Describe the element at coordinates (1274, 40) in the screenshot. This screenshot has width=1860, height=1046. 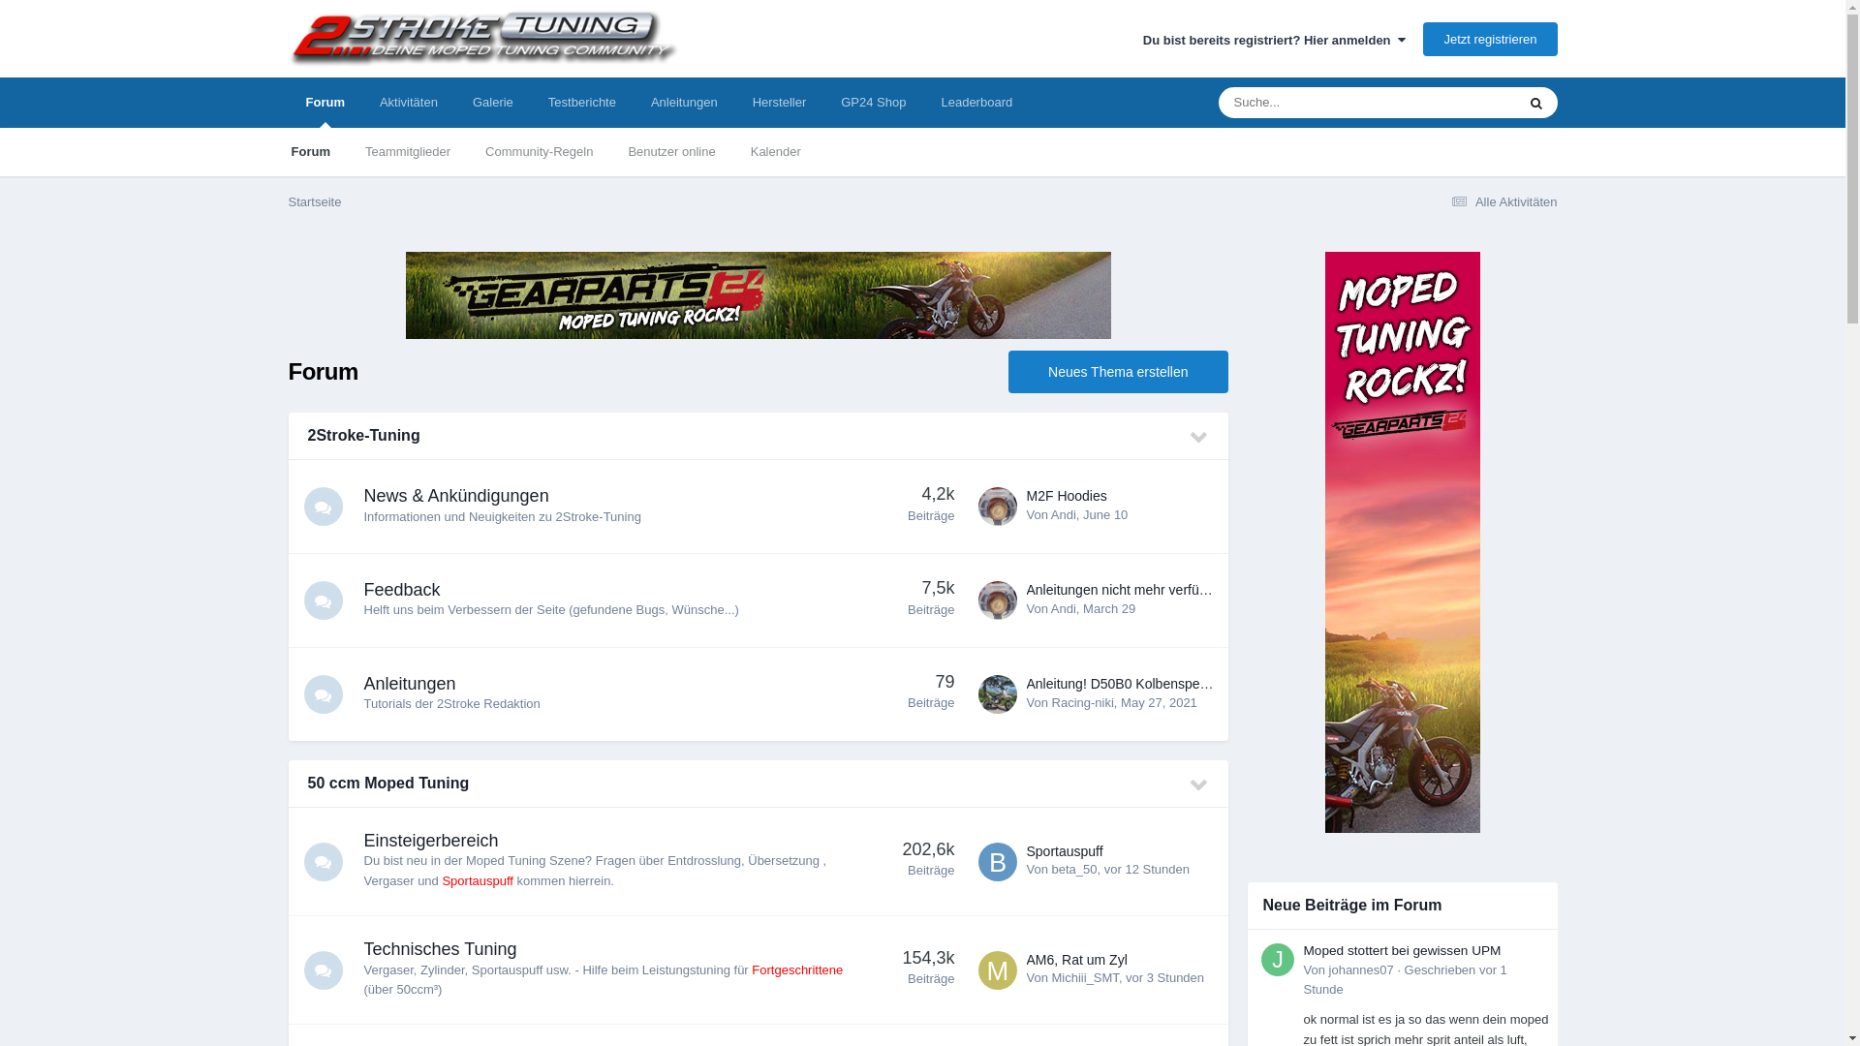
I see `'Du bist bereits registriert? Hier anmelden  '` at that location.